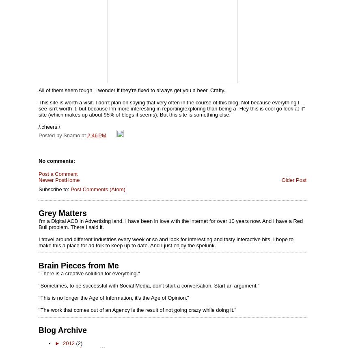  What do you see at coordinates (78, 343) in the screenshot?
I see `'(2)'` at bounding box center [78, 343].